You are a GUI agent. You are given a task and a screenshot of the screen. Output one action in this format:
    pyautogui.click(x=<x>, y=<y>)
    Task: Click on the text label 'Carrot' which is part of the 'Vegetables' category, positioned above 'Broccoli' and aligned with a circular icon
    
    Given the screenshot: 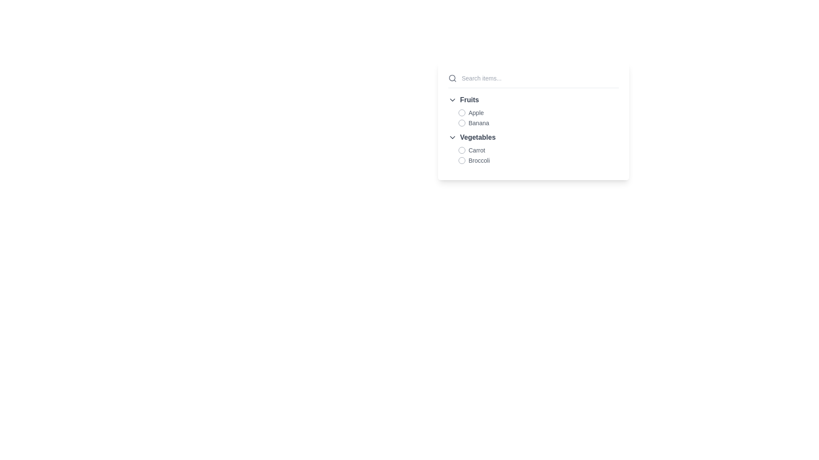 What is the action you would take?
    pyautogui.click(x=476, y=150)
    